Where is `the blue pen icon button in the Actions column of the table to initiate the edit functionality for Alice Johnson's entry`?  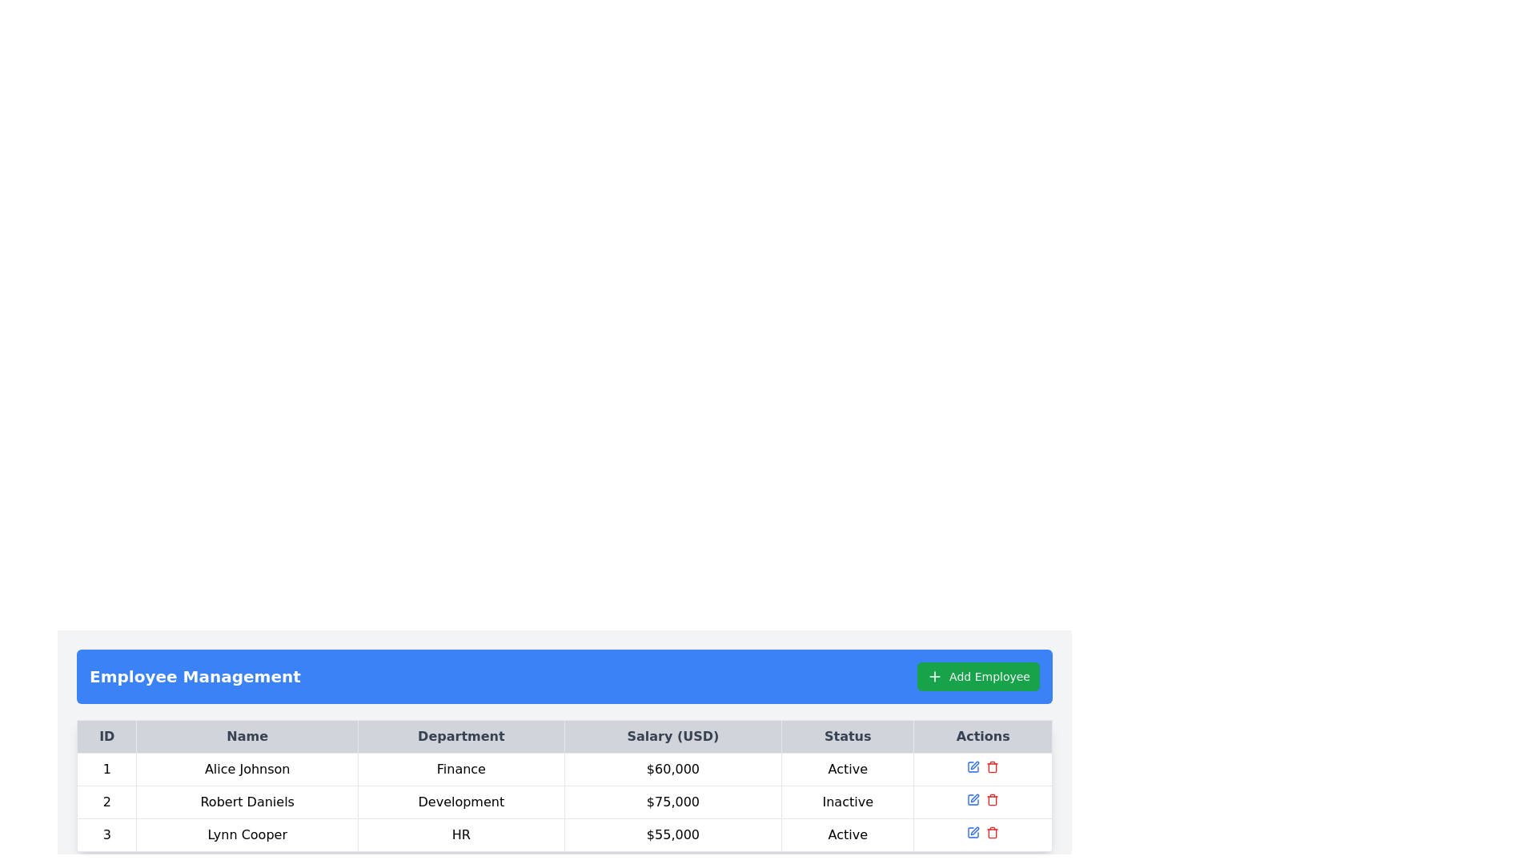
the blue pen icon button in the Actions column of the table to initiate the edit functionality for Alice Johnson's entry is located at coordinates (972, 766).